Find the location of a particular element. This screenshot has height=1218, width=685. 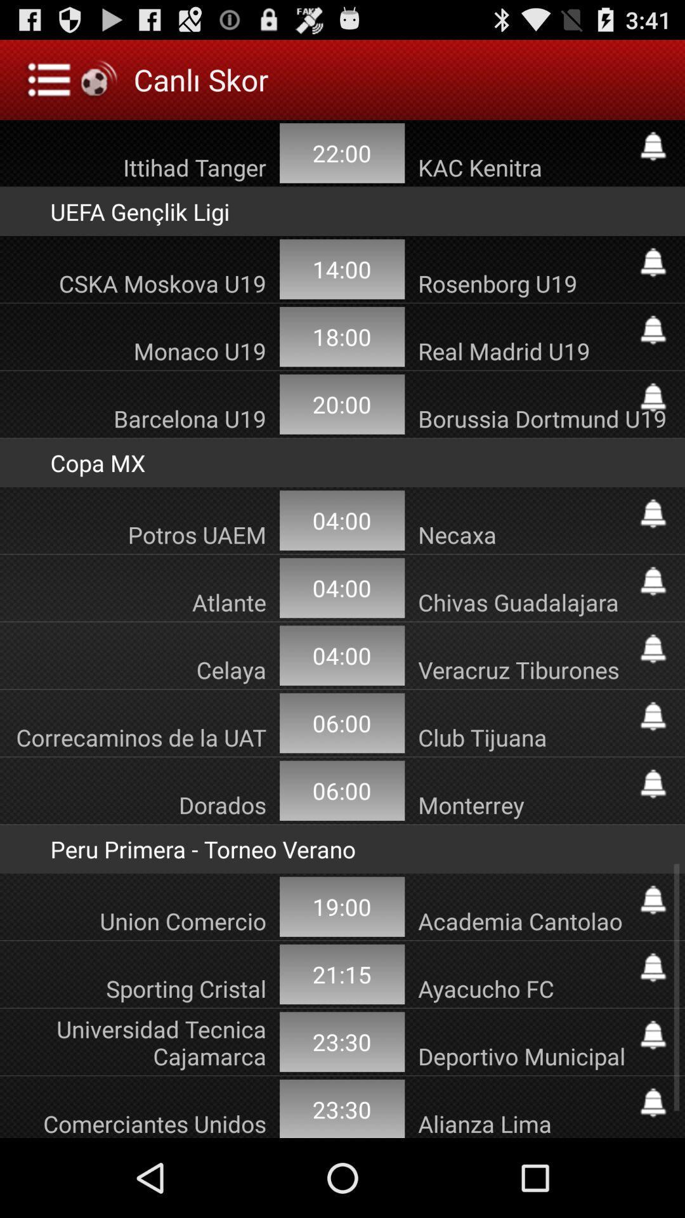

enable notification is located at coordinates (653, 900).